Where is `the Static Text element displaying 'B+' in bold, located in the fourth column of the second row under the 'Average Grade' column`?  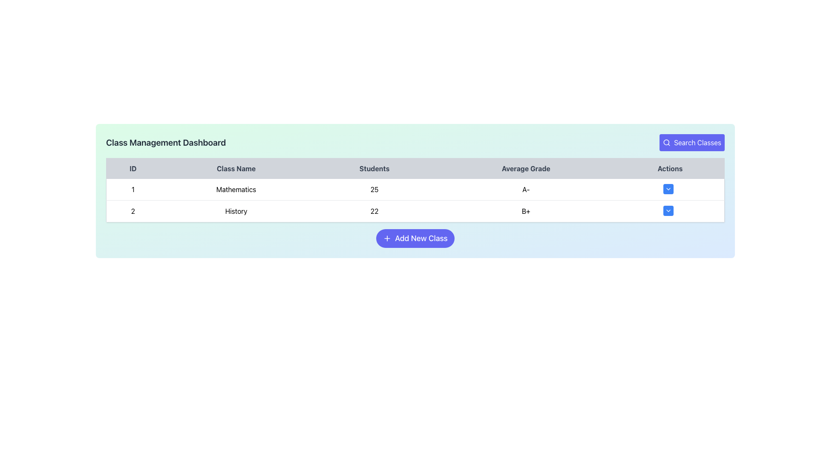
the Static Text element displaying 'B+' in bold, located in the fourth column of the second row under the 'Average Grade' column is located at coordinates (525, 211).